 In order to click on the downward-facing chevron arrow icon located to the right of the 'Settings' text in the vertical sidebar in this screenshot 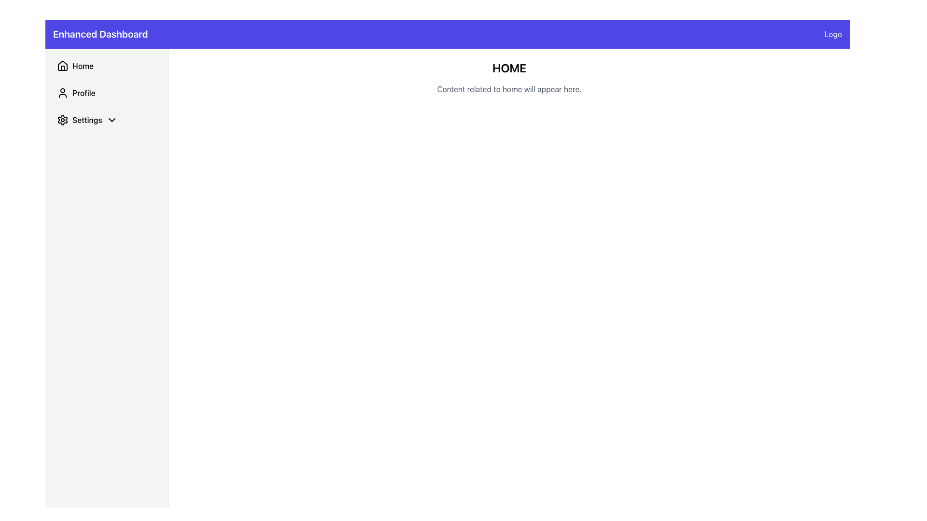, I will do `click(112, 120)`.